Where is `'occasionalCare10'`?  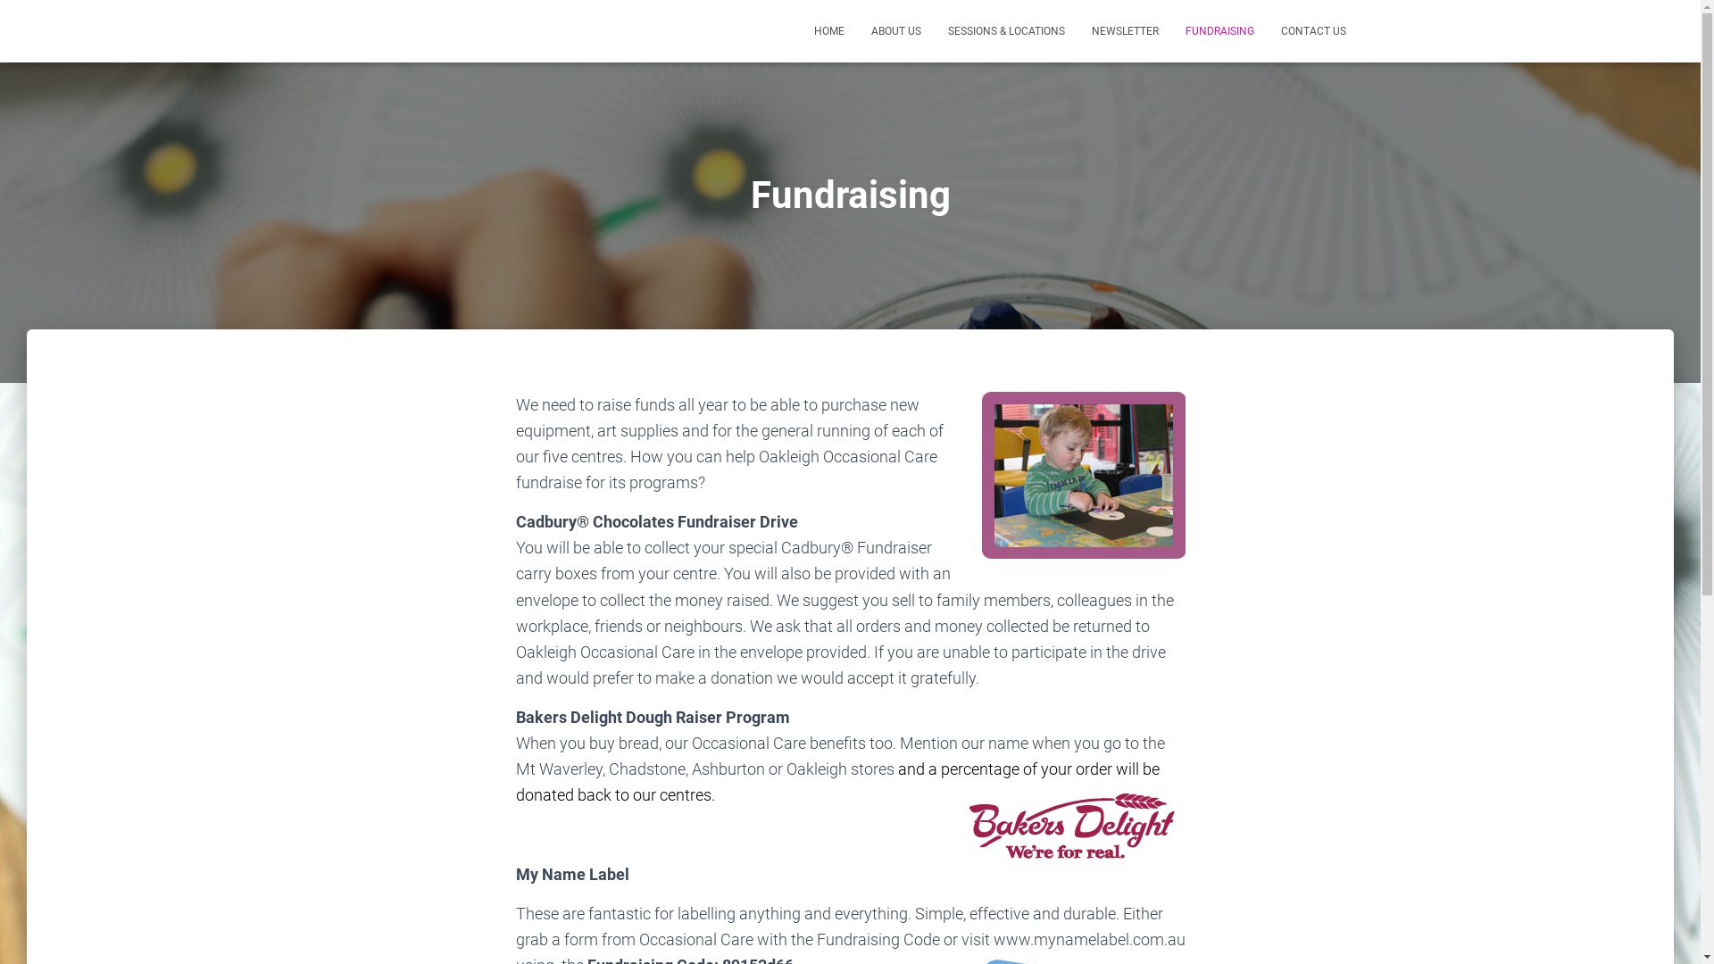
'occasionalCare10' is located at coordinates (980, 474).